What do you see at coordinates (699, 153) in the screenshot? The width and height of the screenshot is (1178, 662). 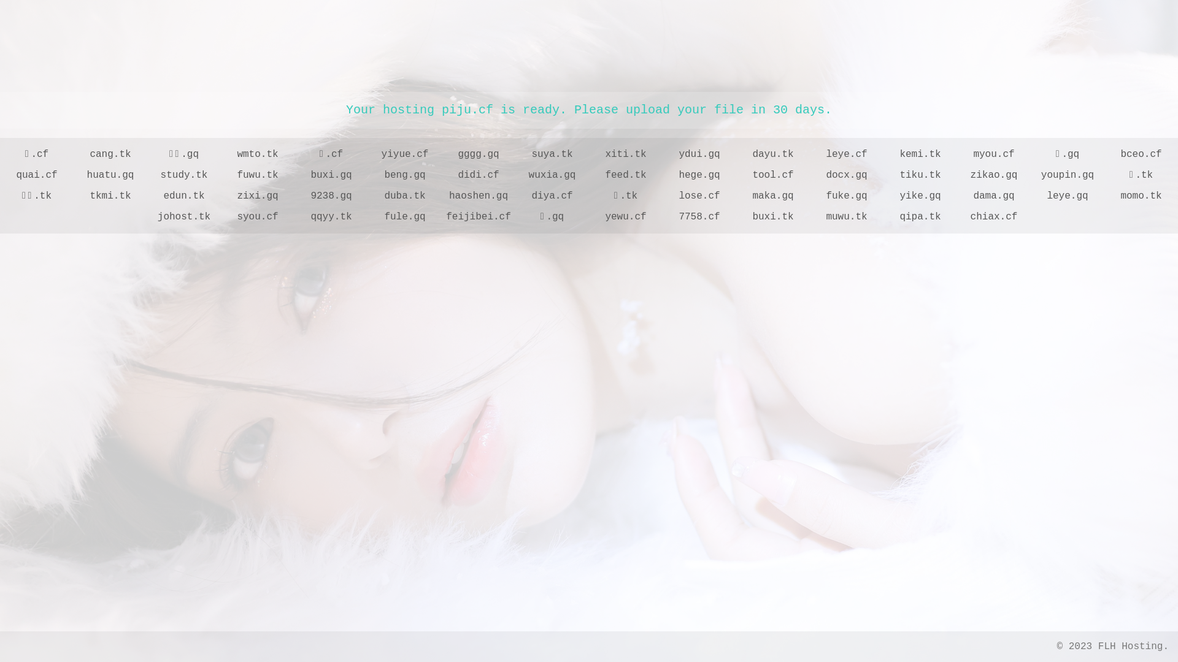 I see `'ydui.gq'` at bounding box center [699, 153].